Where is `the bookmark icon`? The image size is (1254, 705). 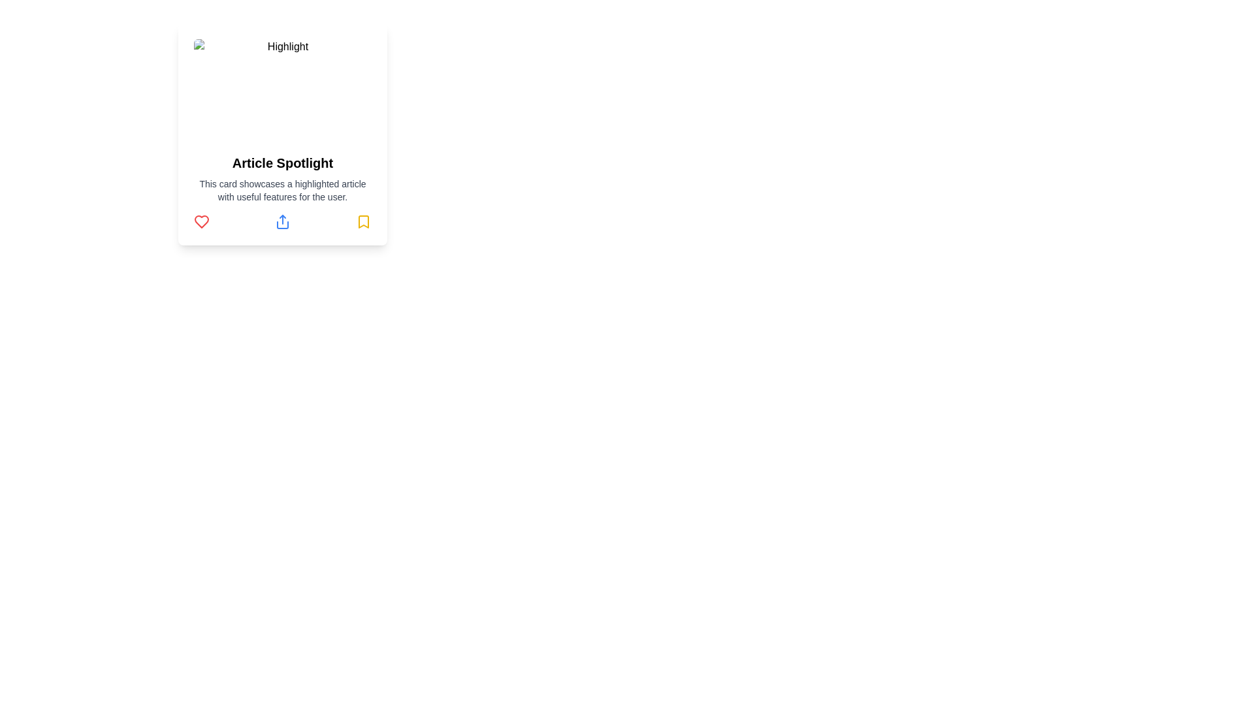 the bookmark icon is located at coordinates (363, 221).